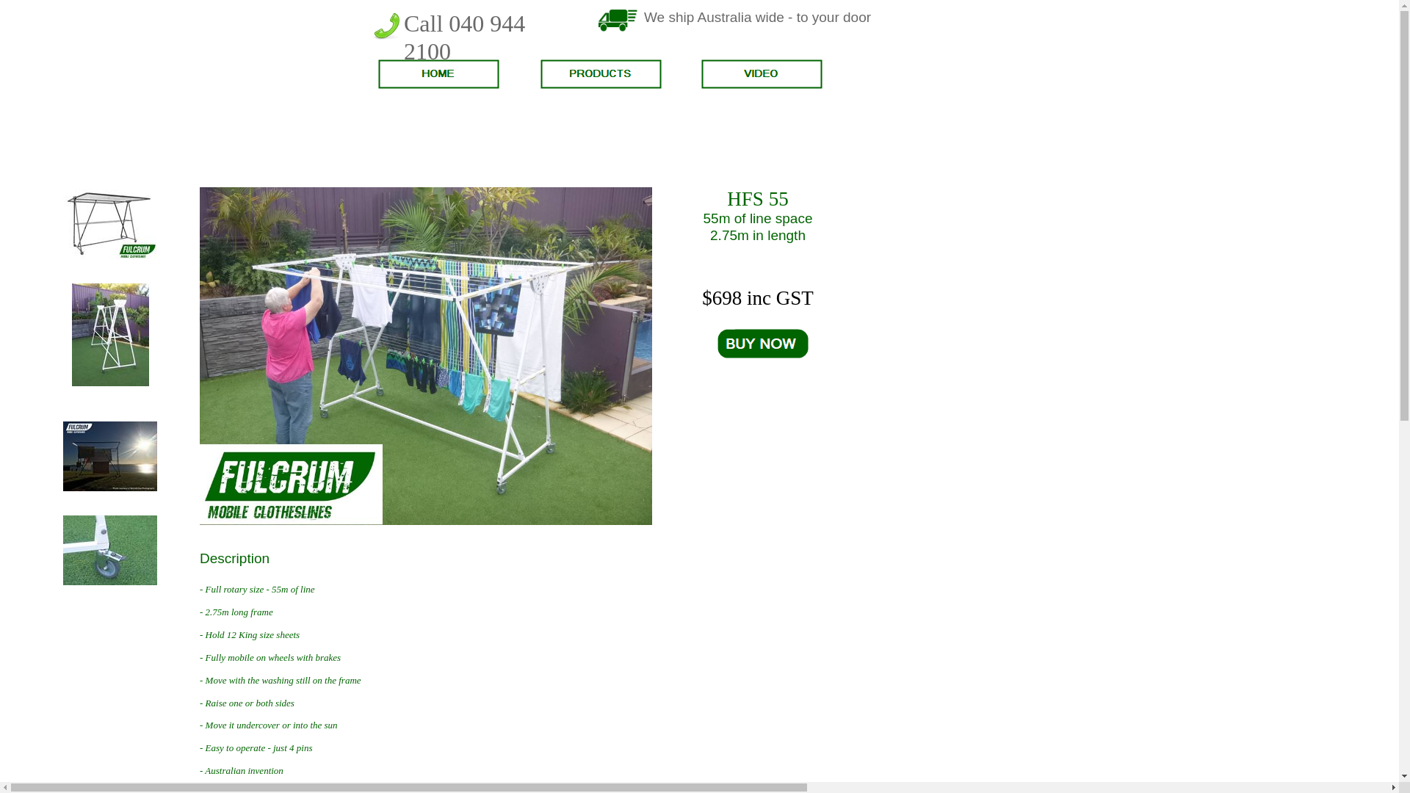  Describe the element at coordinates (109, 581) in the screenshot. I see `'Wheel with brake'` at that location.